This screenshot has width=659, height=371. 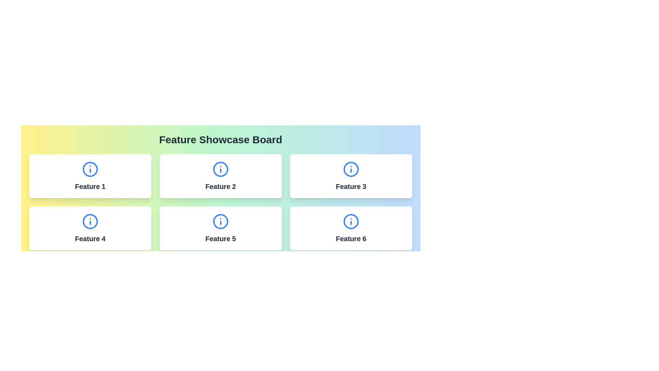 What do you see at coordinates (221, 169) in the screenshot?
I see `the SVG icon representing an information symbol, which is styled with a blue color scheme and located in the second grid item of the first row titled 'Feature 2'` at bounding box center [221, 169].